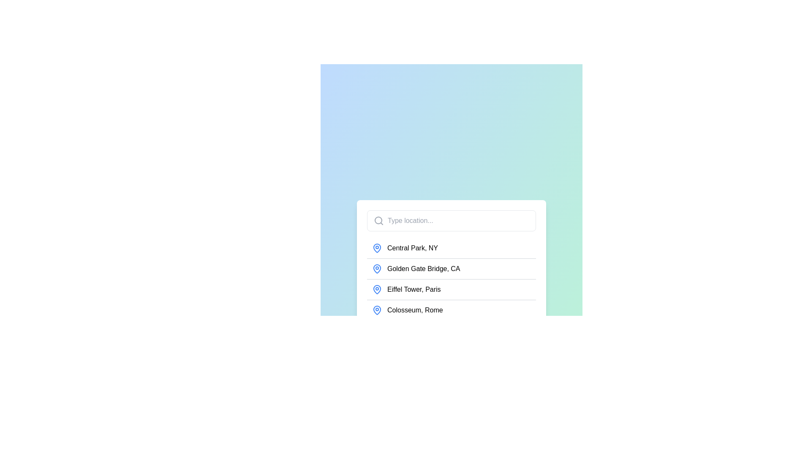 This screenshot has height=456, width=811. What do you see at coordinates (376, 310) in the screenshot?
I see `the map pin icon indicating the location for 'Colosseum, Rome', which is positioned to the left of the text label` at bounding box center [376, 310].